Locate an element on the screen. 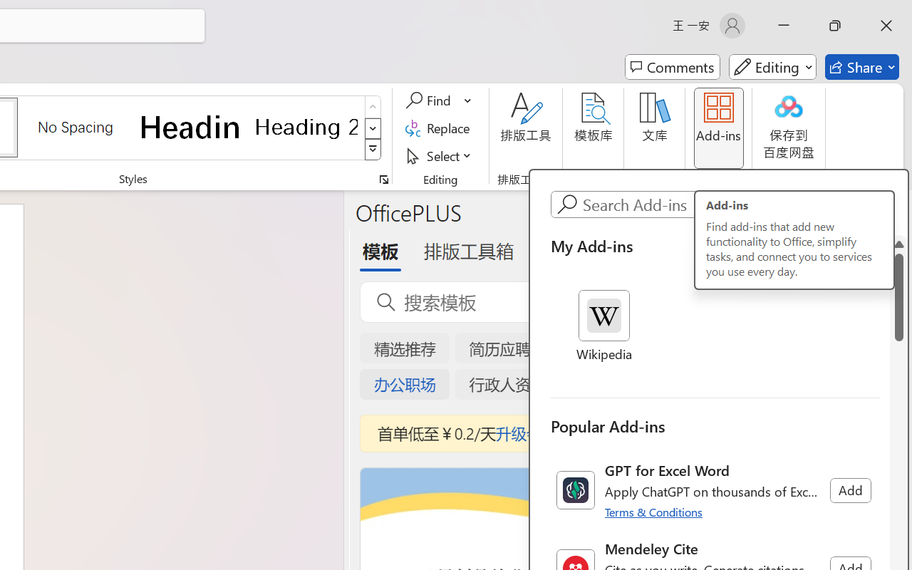 This screenshot has height=570, width=912. 'Find' is located at coordinates (430, 100).